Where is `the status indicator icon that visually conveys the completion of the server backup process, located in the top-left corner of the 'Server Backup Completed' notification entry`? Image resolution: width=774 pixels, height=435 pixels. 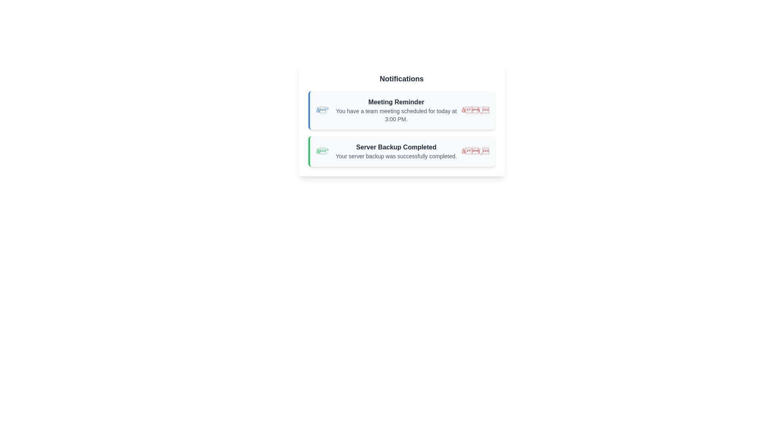
the status indicator icon that visually conveys the completion of the server backup process, located in the top-left corner of the 'Server Backup Completed' notification entry is located at coordinates (320, 151).